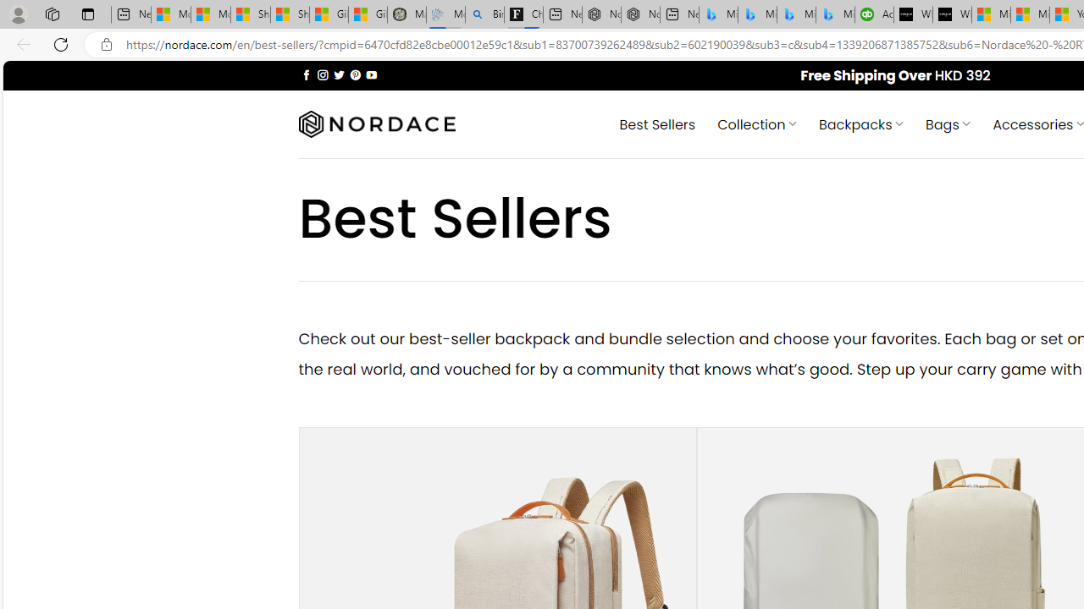 This screenshot has height=609, width=1084. I want to click on '  Best Sellers', so click(656, 123).